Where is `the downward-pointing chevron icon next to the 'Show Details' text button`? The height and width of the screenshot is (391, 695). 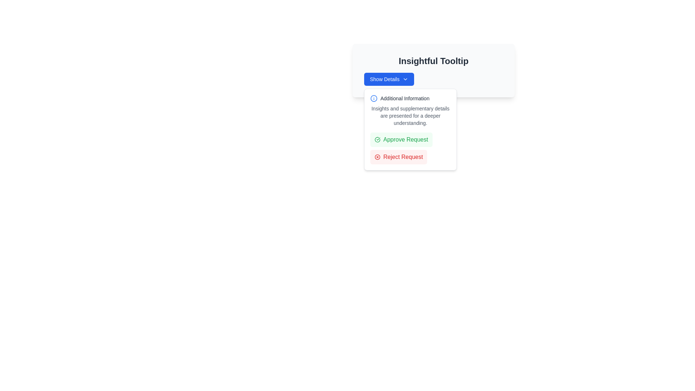 the downward-pointing chevron icon next to the 'Show Details' text button is located at coordinates (405, 79).